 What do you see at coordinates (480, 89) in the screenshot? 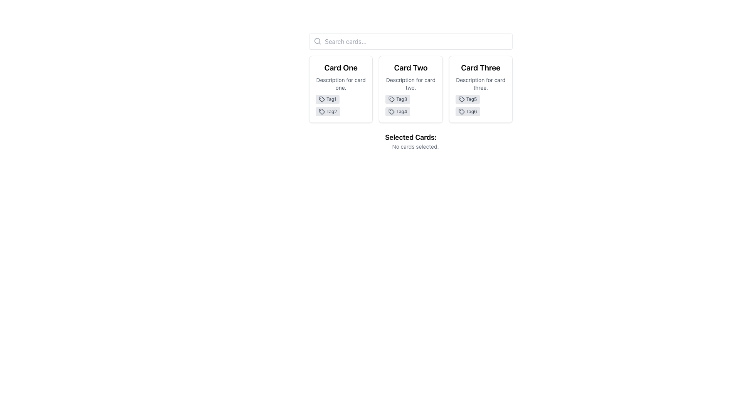
I see `the third card in the grid layout` at bounding box center [480, 89].